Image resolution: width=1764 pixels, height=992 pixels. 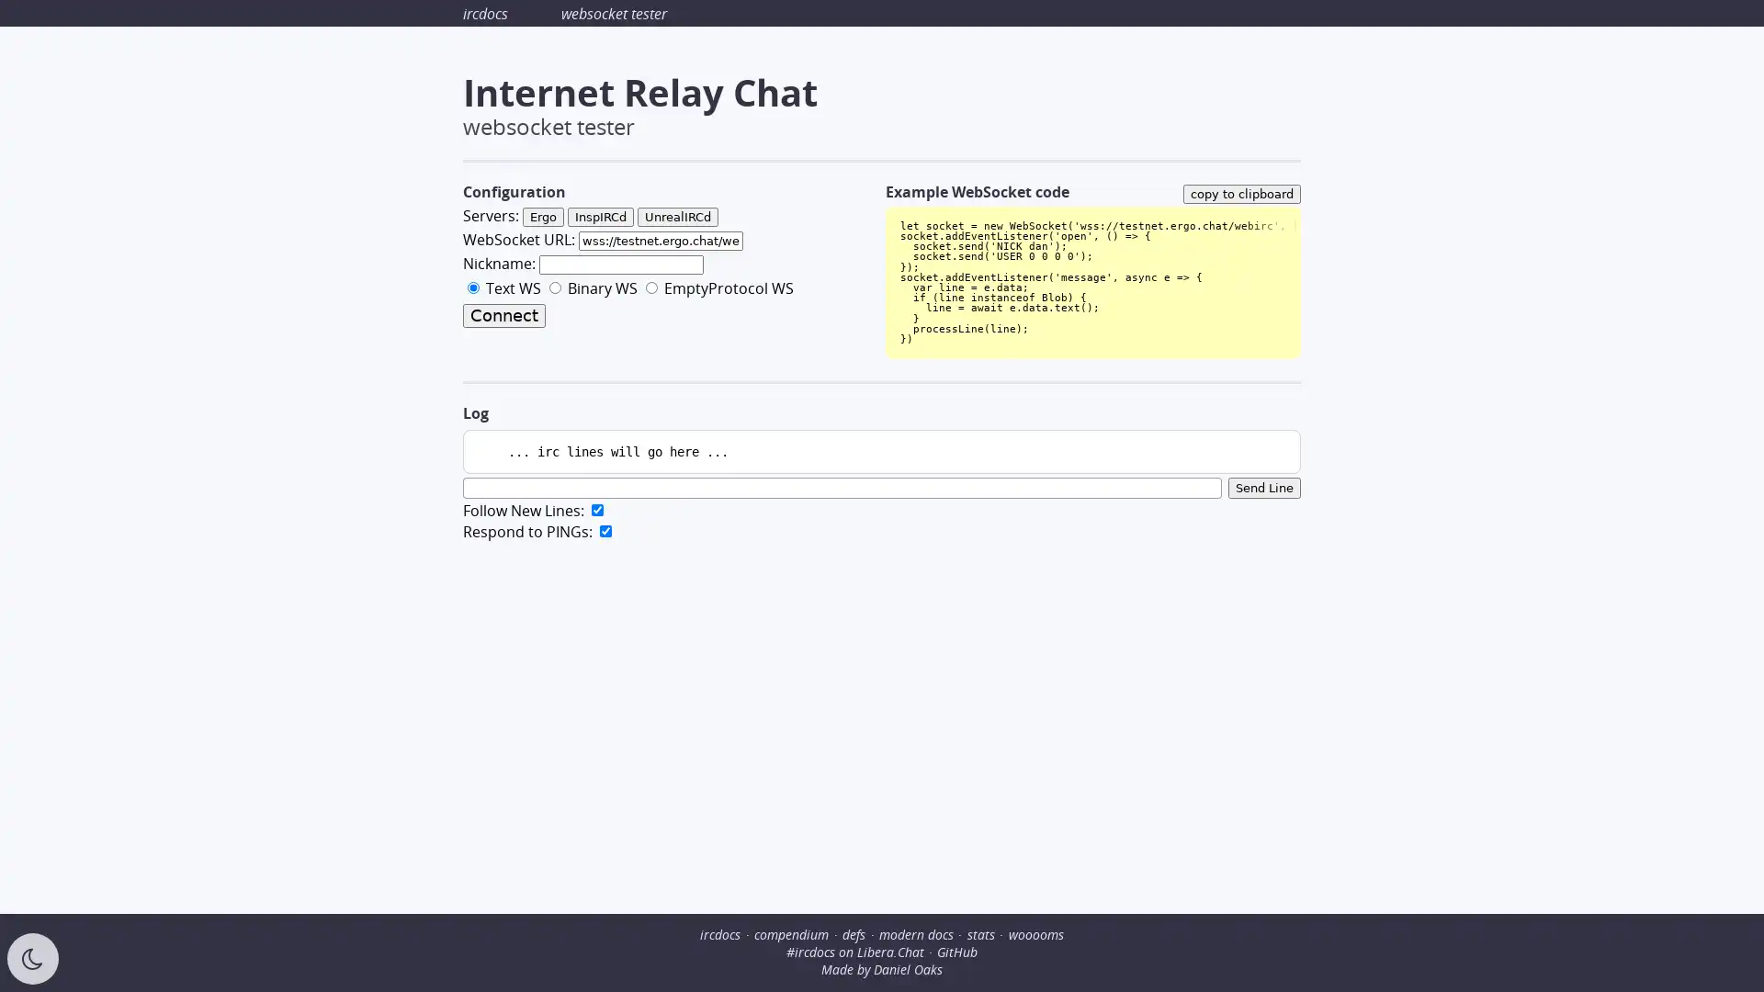 What do you see at coordinates (677, 216) in the screenshot?
I see `UnrealIRCd` at bounding box center [677, 216].